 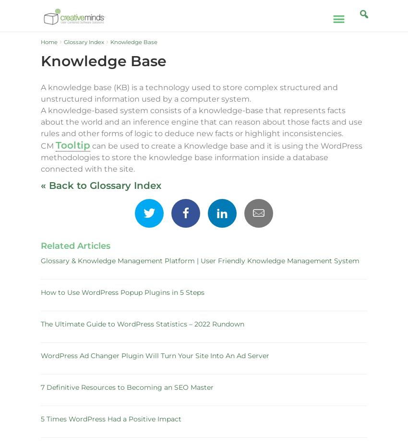 I want to click on 'A knowledge base (KB) is a technology used to store complex structured and unstructured information used by a computer system.', so click(x=189, y=93).